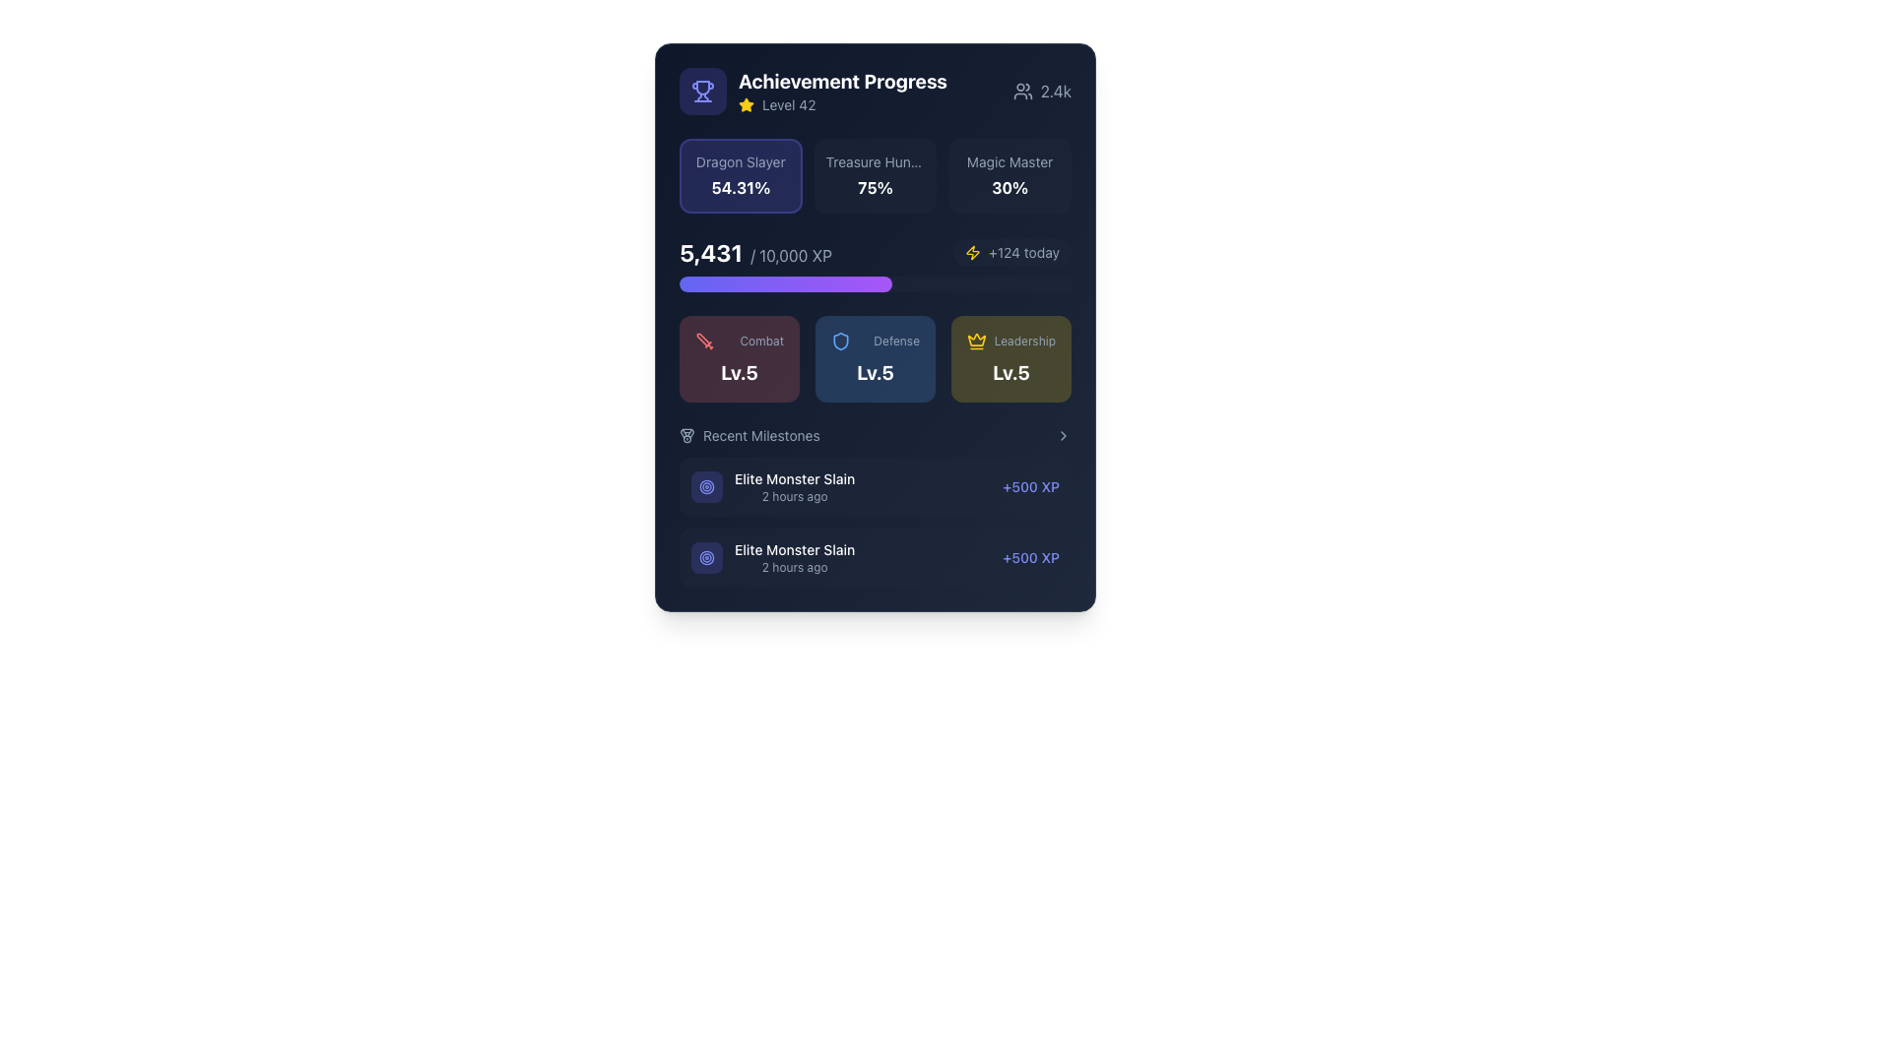 Image resolution: width=1891 pixels, height=1063 pixels. What do you see at coordinates (874, 188) in the screenshot?
I see `the numeric text display label showing '75%' which is styled in a bold white font on a dark background, located directly below the 'Treasure Hunter' heading in the Achievement Progress section` at bounding box center [874, 188].